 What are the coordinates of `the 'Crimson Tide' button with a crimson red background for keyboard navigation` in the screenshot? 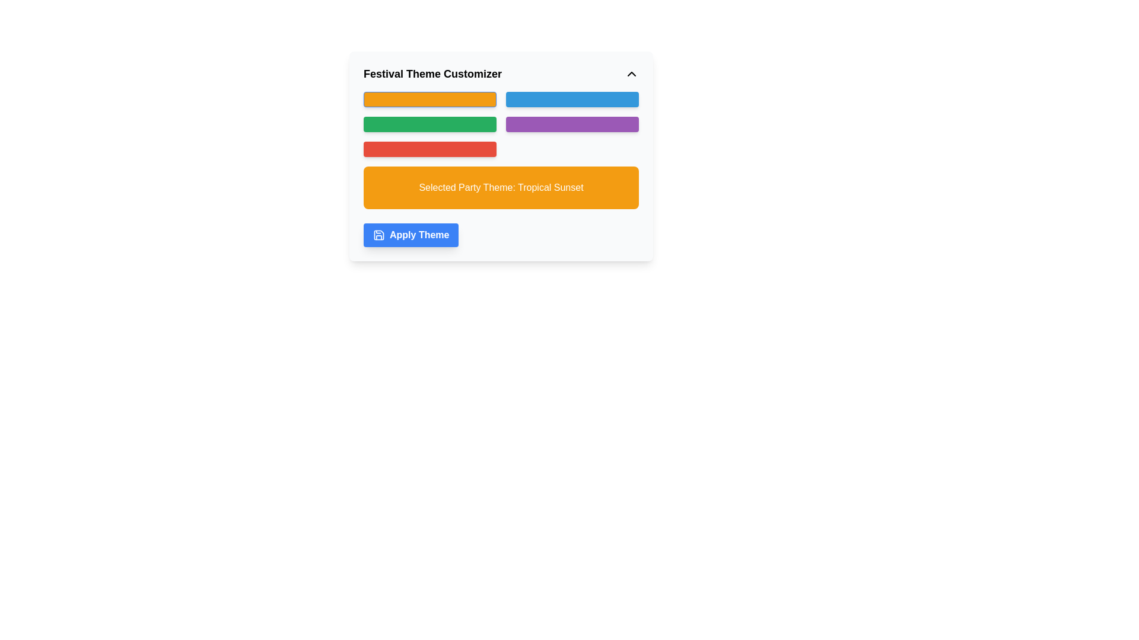 It's located at (429, 148).